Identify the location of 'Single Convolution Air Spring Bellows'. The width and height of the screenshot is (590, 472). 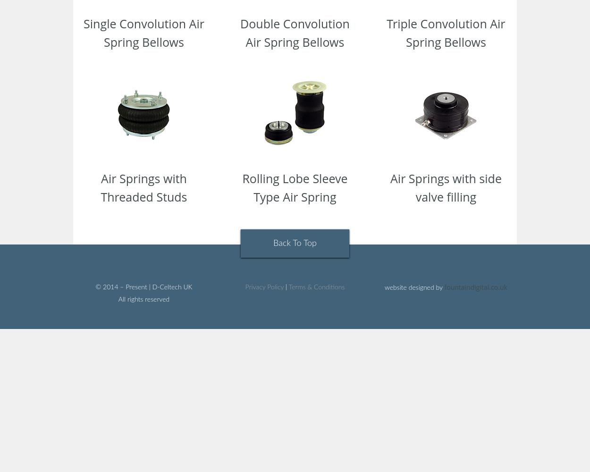
(143, 32).